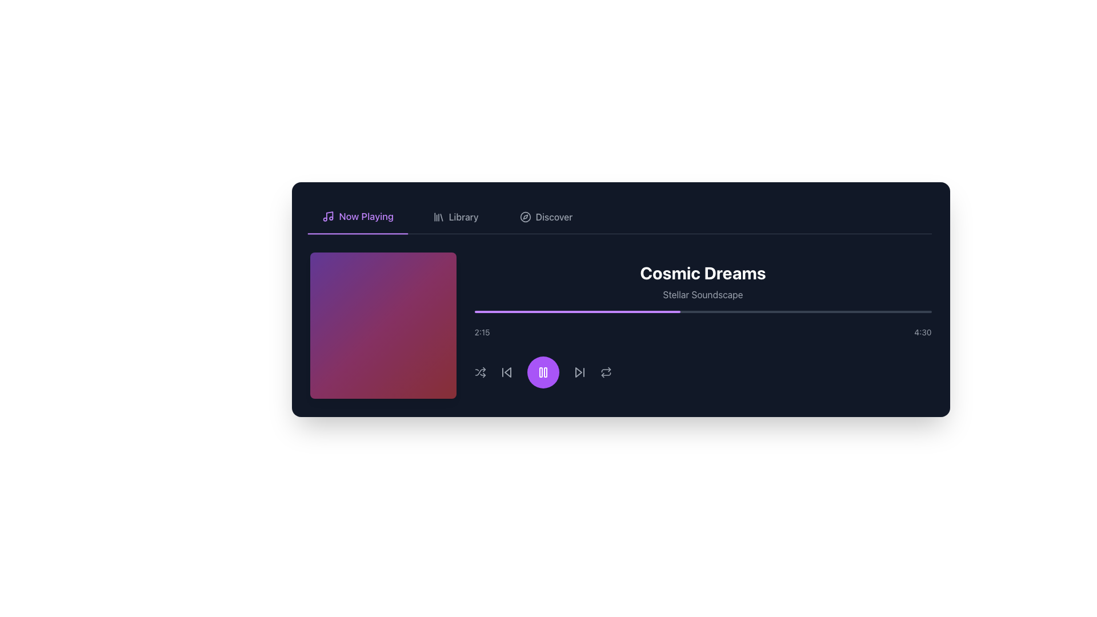 This screenshot has height=617, width=1097. I want to click on the skip-forward button, which is the fourth button from the left in the audio control sequence, so click(579, 372).